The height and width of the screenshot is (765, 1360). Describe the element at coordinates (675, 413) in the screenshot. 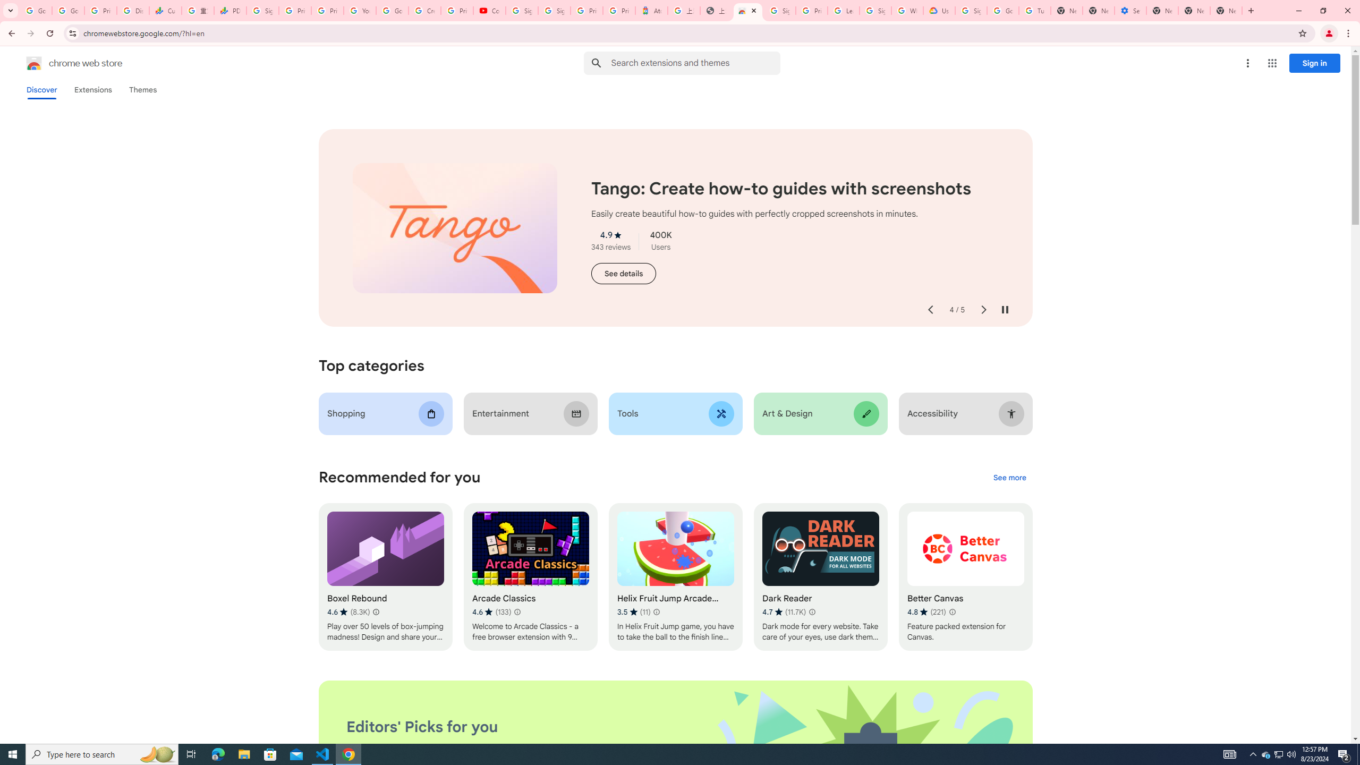

I see `'Tools'` at that location.